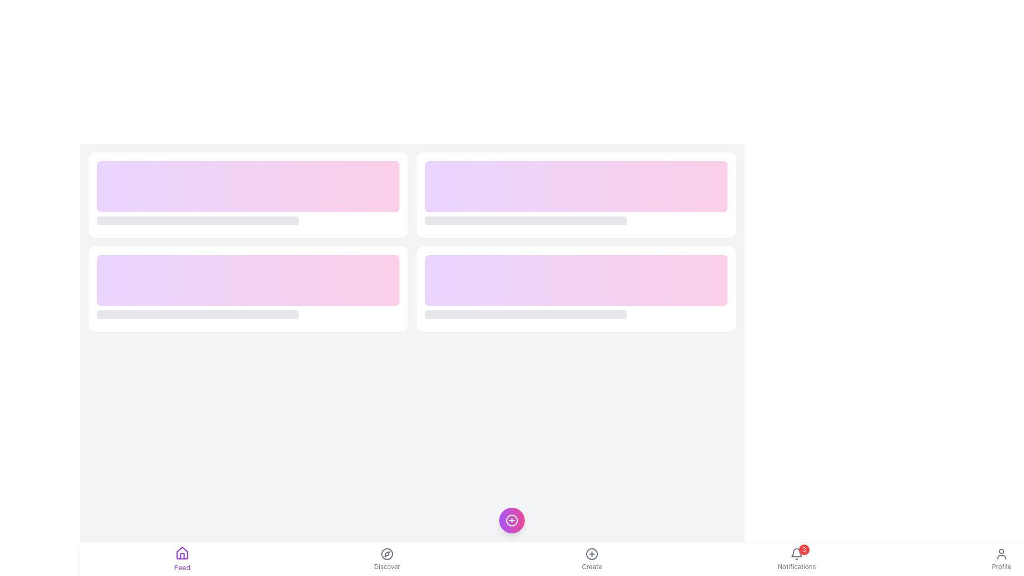 Image resolution: width=1024 pixels, height=576 pixels. What do you see at coordinates (575, 195) in the screenshot?
I see `the second card in the first row of the grid layout, which has a white background, rounded corners, and moderate shadowing` at bounding box center [575, 195].